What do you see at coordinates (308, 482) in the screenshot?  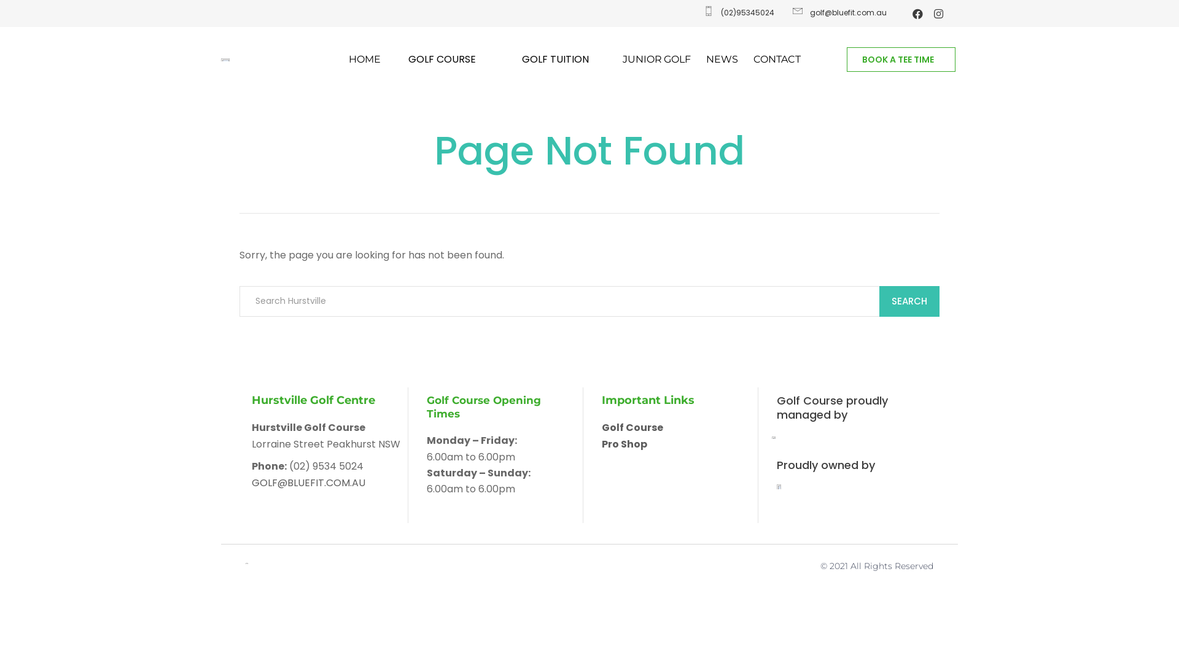 I see `'GOLF@BLUEFIT.COM.AU'` at bounding box center [308, 482].